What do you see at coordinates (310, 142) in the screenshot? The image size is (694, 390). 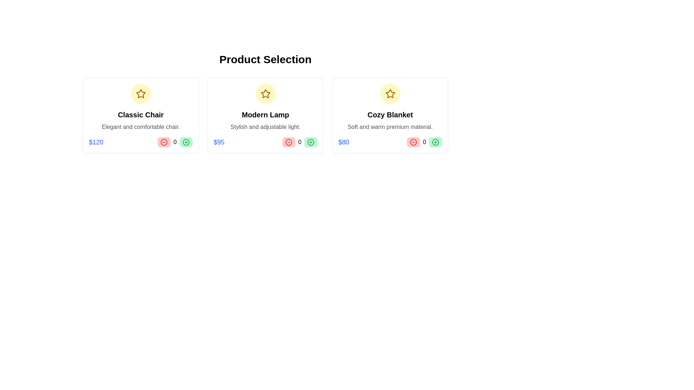 I see `the small green button with a plus icon to increment the count displayed next to it` at bounding box center [310, 142].